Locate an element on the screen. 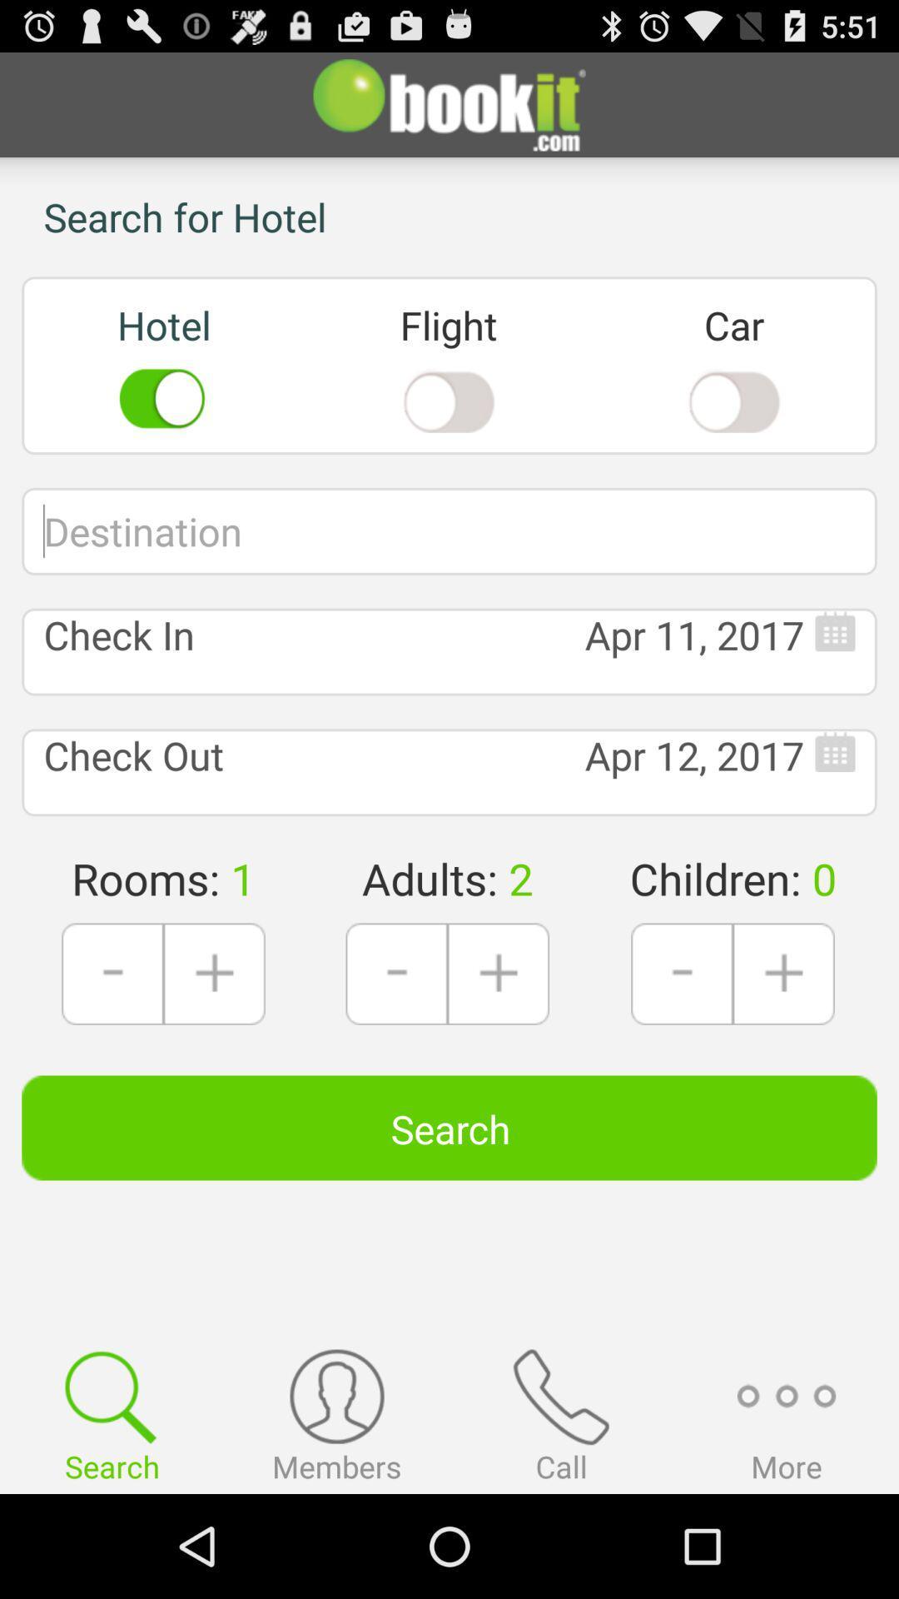  the minus icon is located at coordinates (396, 1041).